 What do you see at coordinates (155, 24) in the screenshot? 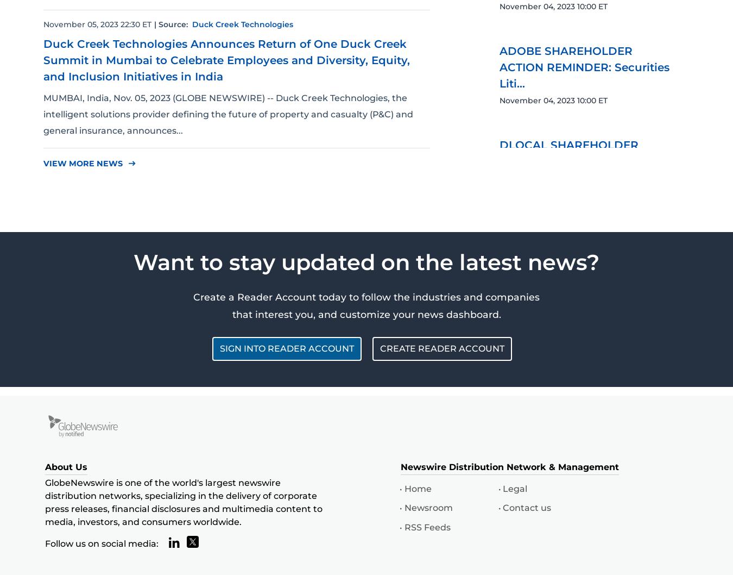
I see `'|'` at bounding box center [155, 24].